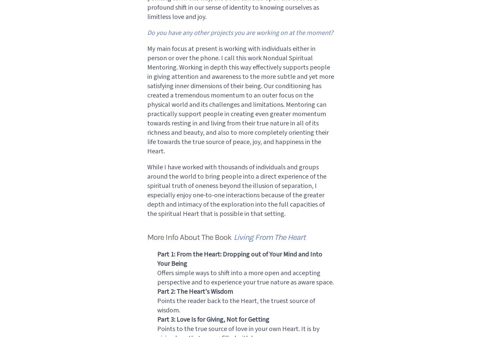 The height and width of the screenshot is (337, 482). I want to click on 'Part 3:', so click(166, 319).